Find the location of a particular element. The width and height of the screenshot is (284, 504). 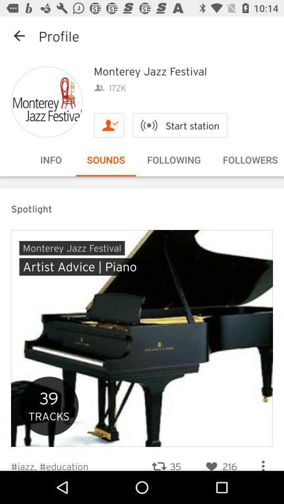

profile picture is located at coordinates (46, 102).